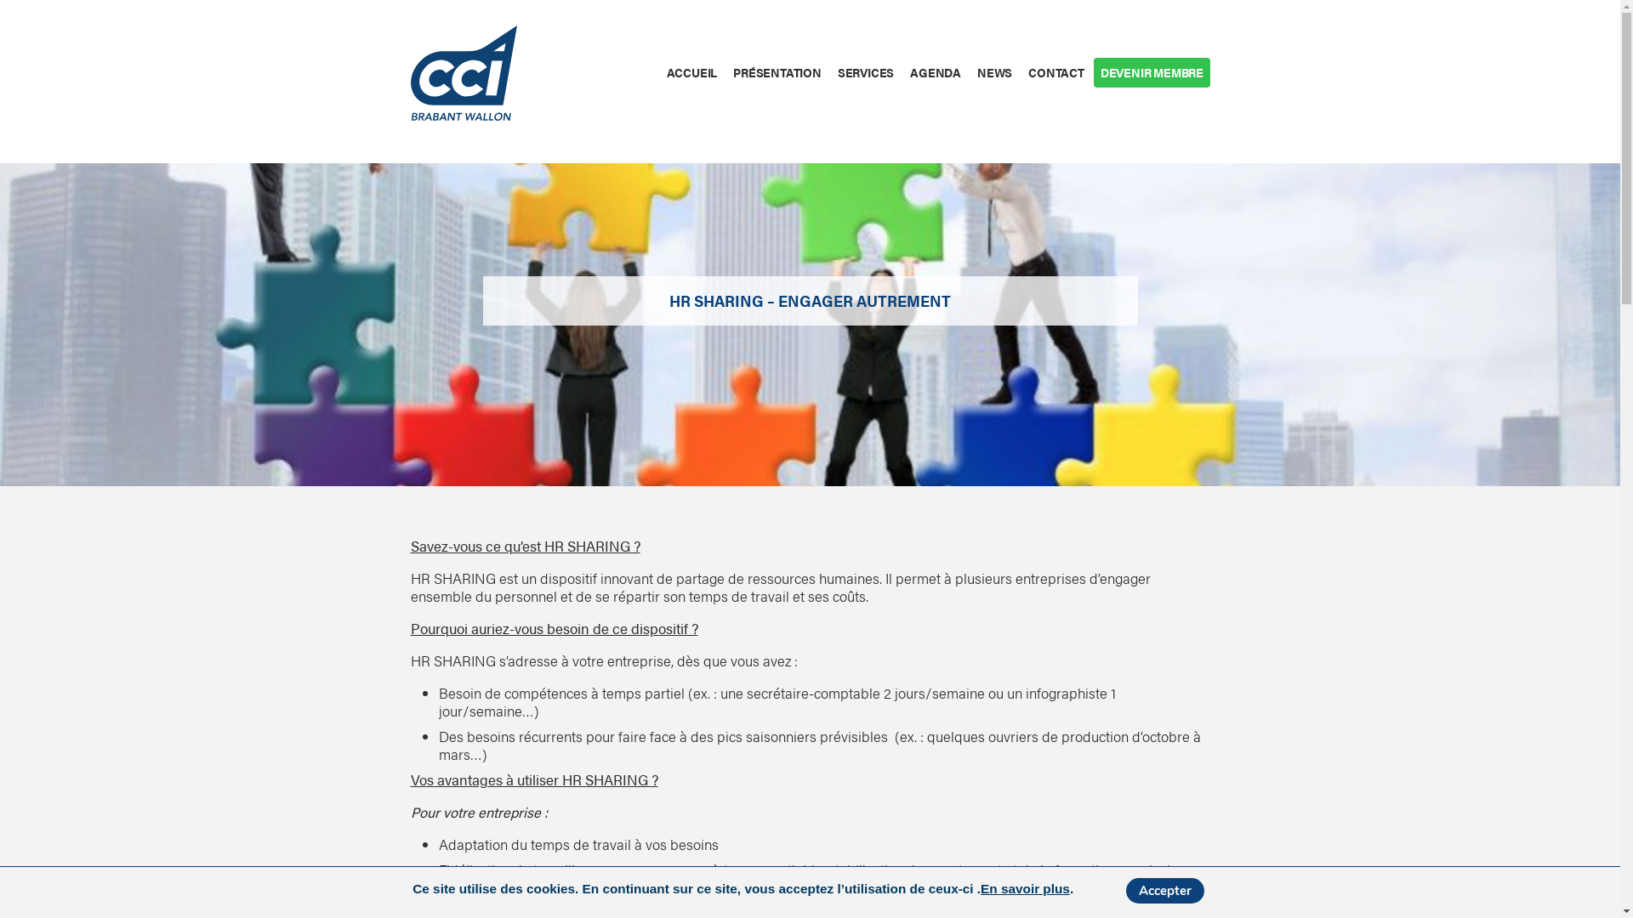  What do you see at coordinates (1151, 71) in the screenshot?
I see `'DEVENIR MEMBRE'` at bounding box center [1151, 71].